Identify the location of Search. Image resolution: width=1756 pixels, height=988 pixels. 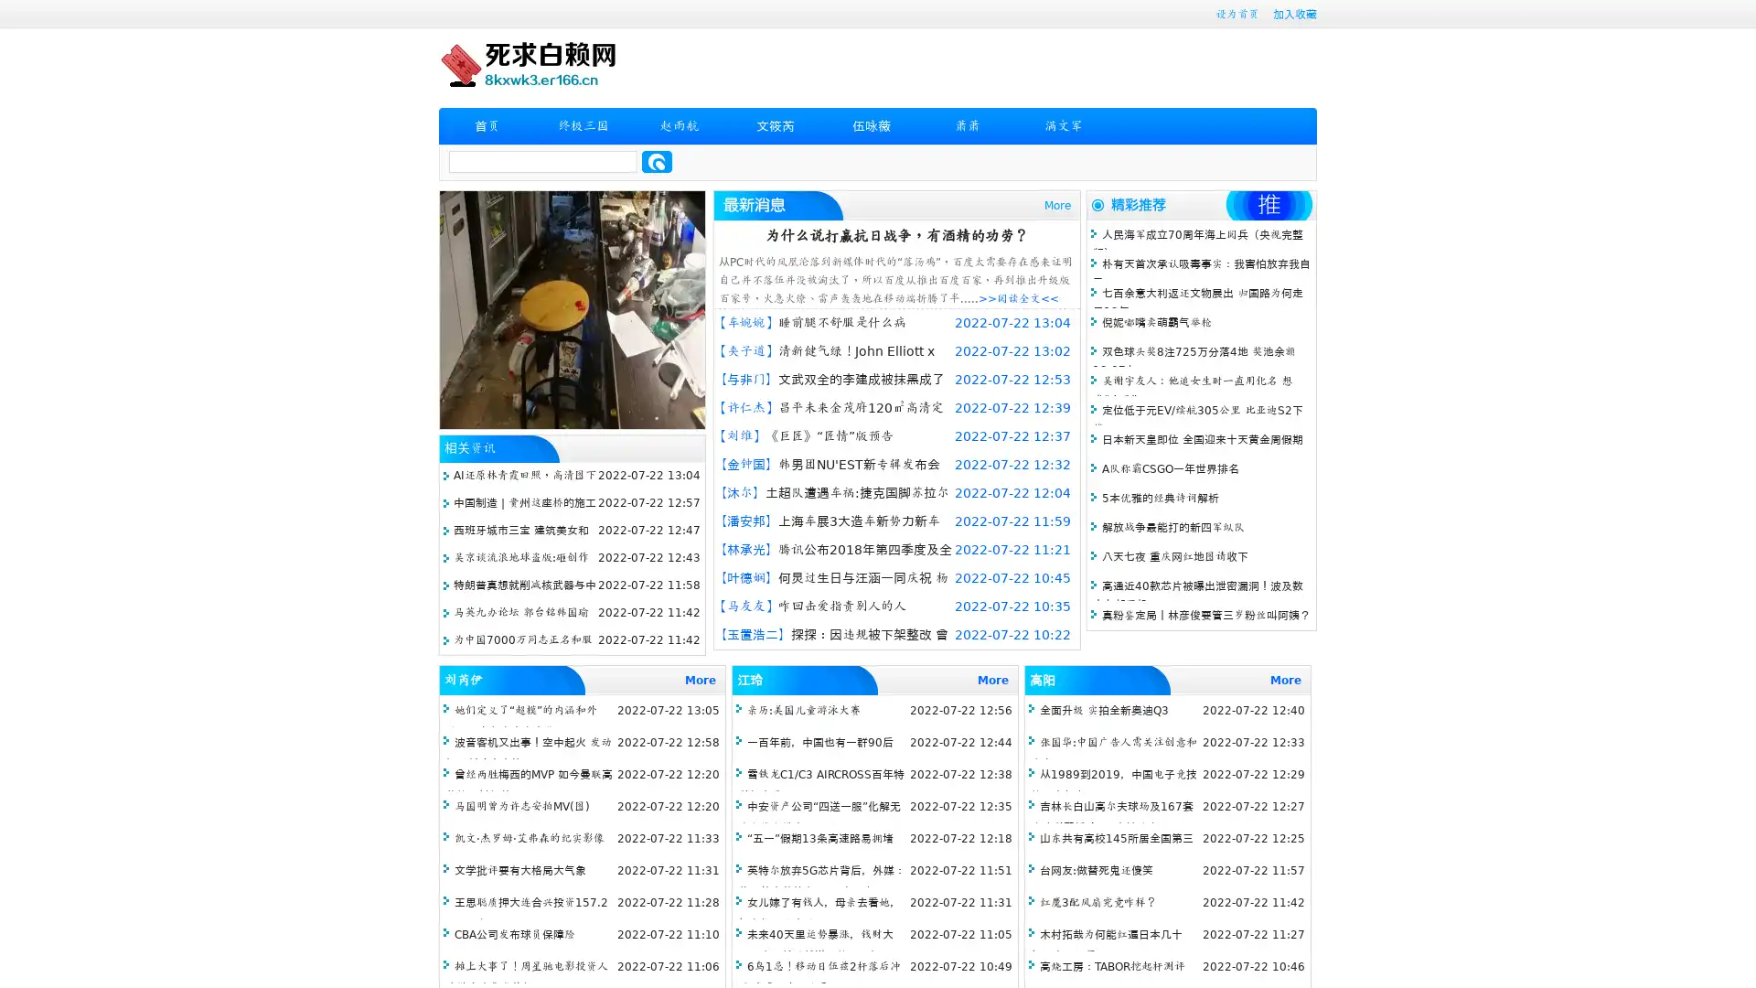
(657, 161).